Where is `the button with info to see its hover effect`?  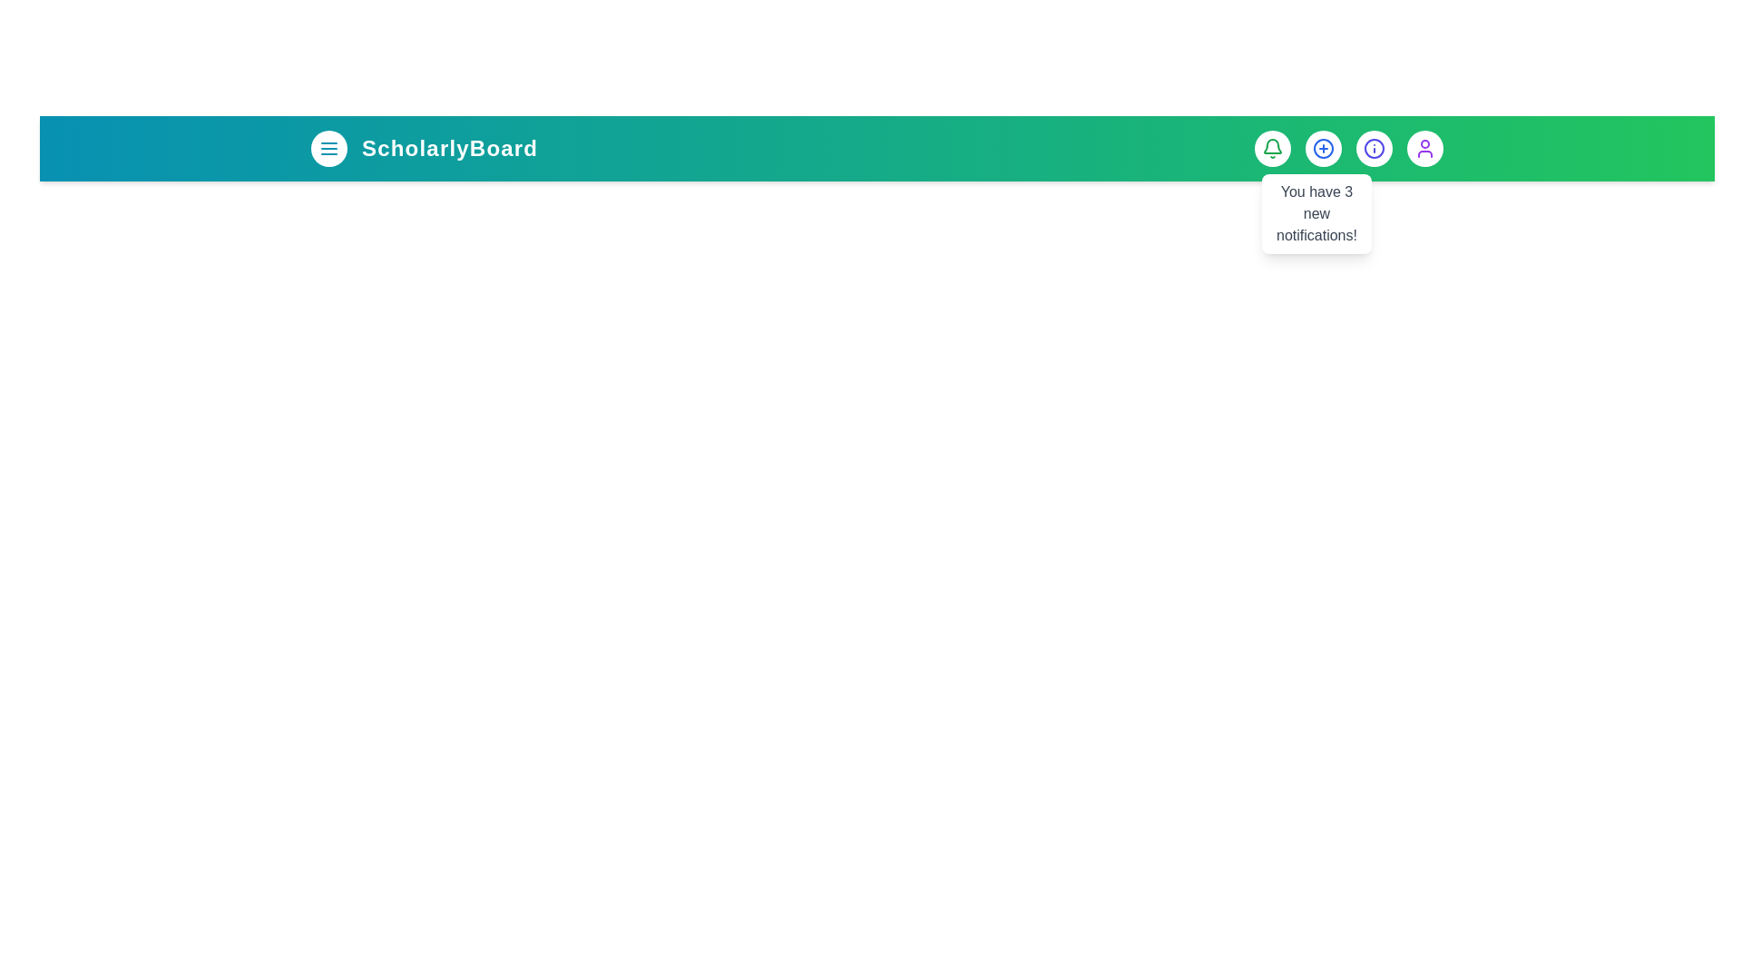 the button with info to see its hover effect is located at coordinates (1375, 148).